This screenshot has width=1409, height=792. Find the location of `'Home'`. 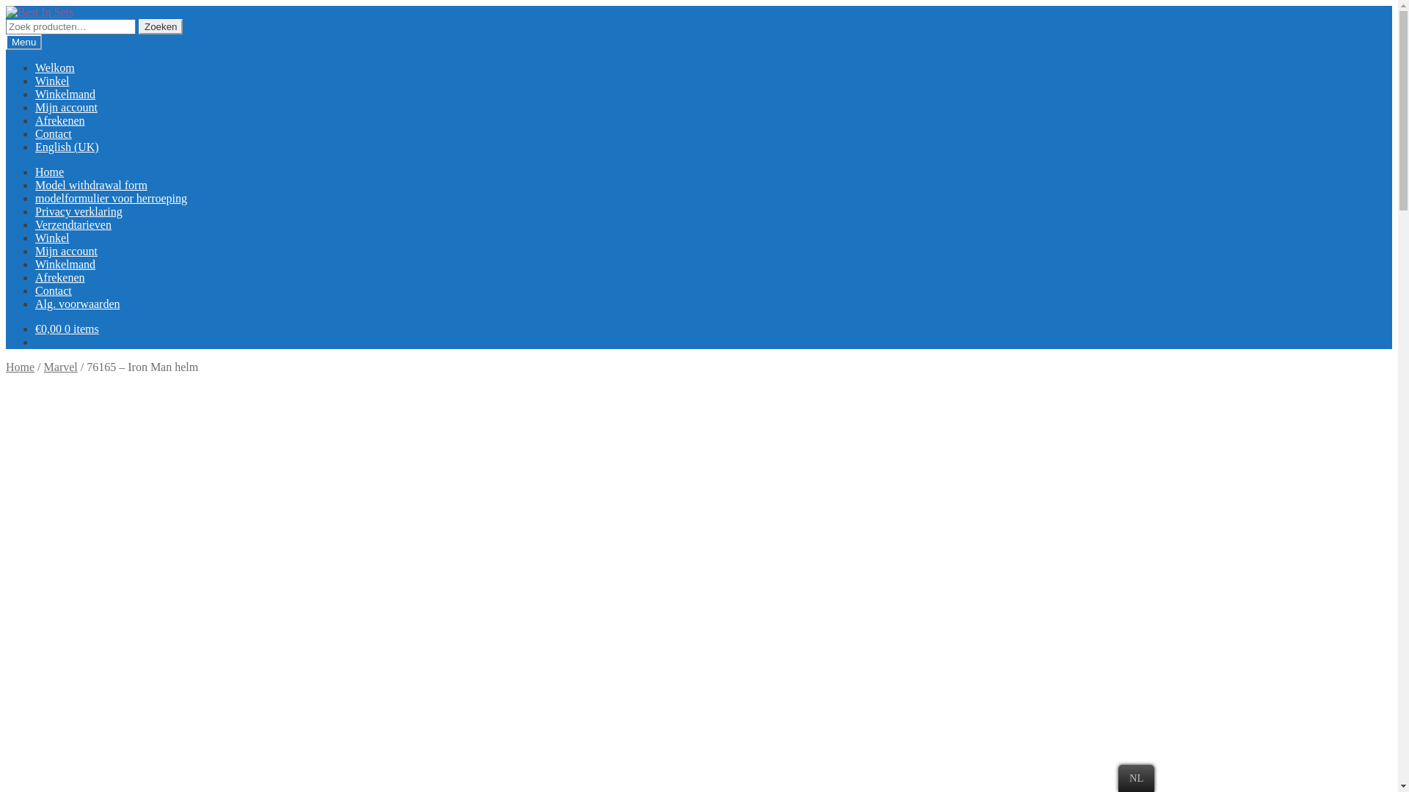

'Home' is located at coordinates (20, 366).